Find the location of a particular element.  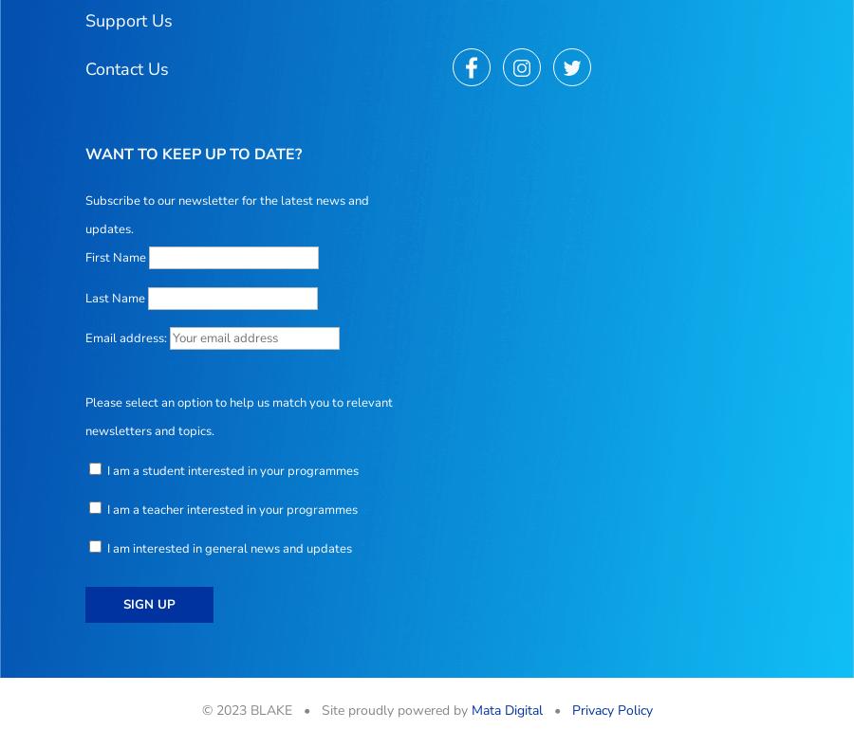

'Please select an option to help us match you to relevant newsletters and topics.' is located at coordinates (238, 416).